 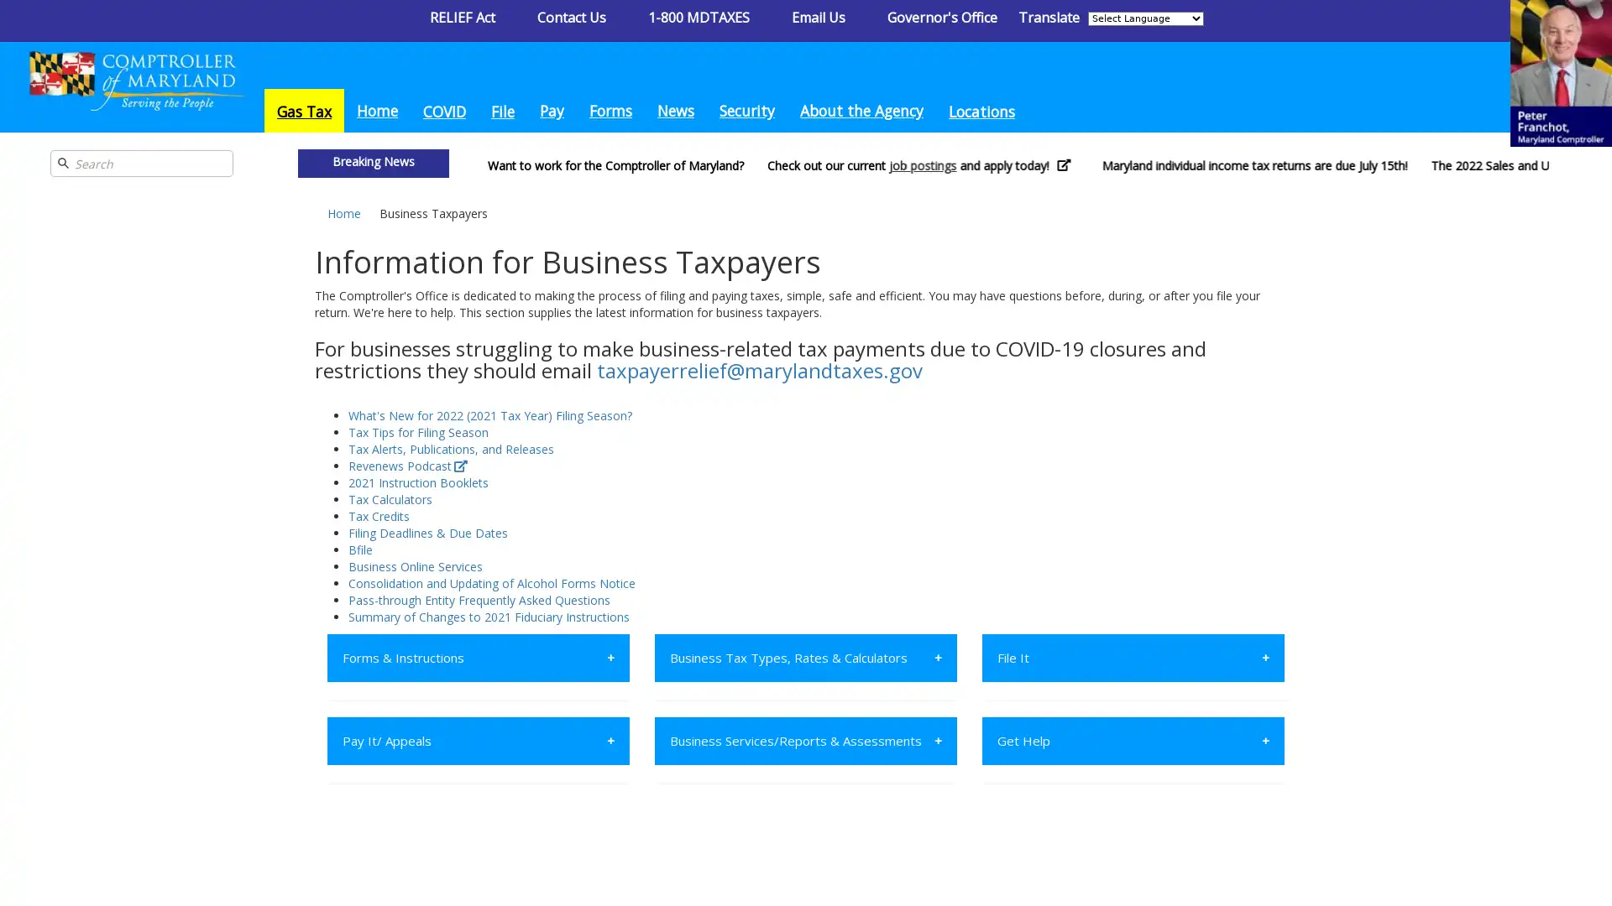 What do you see at coordinates (478, 740) in the screenshot?
I see `Pay It/ Appeals +` at bounding box center [478, 740].